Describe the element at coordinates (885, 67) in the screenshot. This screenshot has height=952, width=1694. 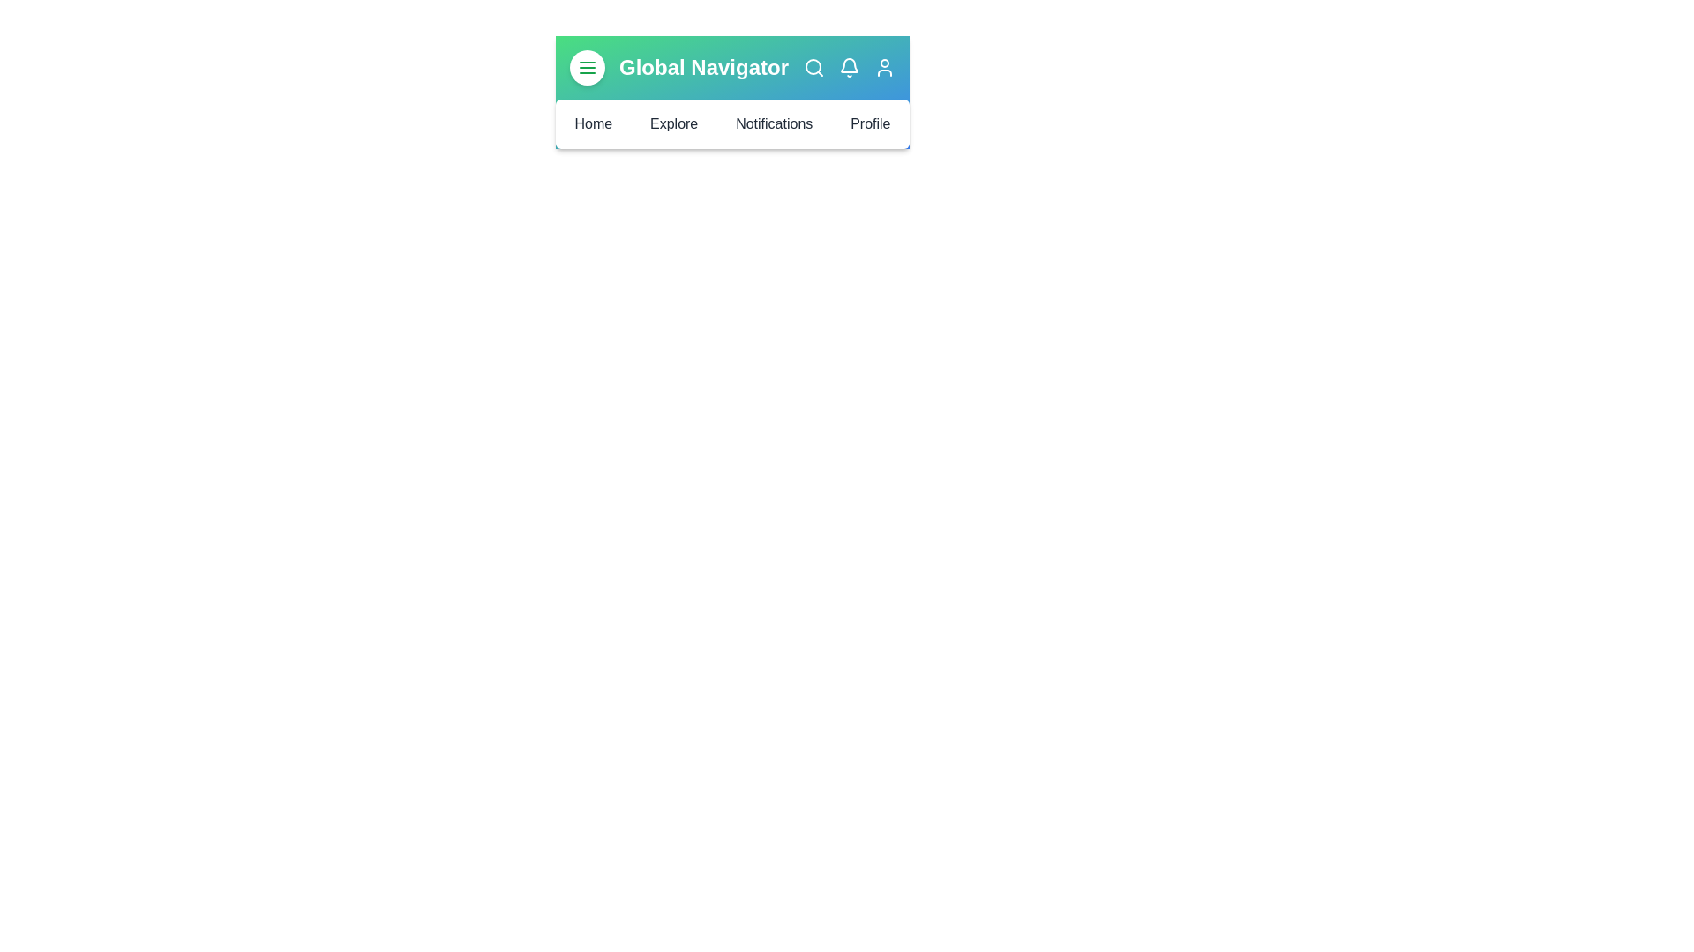
I see `the user icon to access user settings or profile` at that location.